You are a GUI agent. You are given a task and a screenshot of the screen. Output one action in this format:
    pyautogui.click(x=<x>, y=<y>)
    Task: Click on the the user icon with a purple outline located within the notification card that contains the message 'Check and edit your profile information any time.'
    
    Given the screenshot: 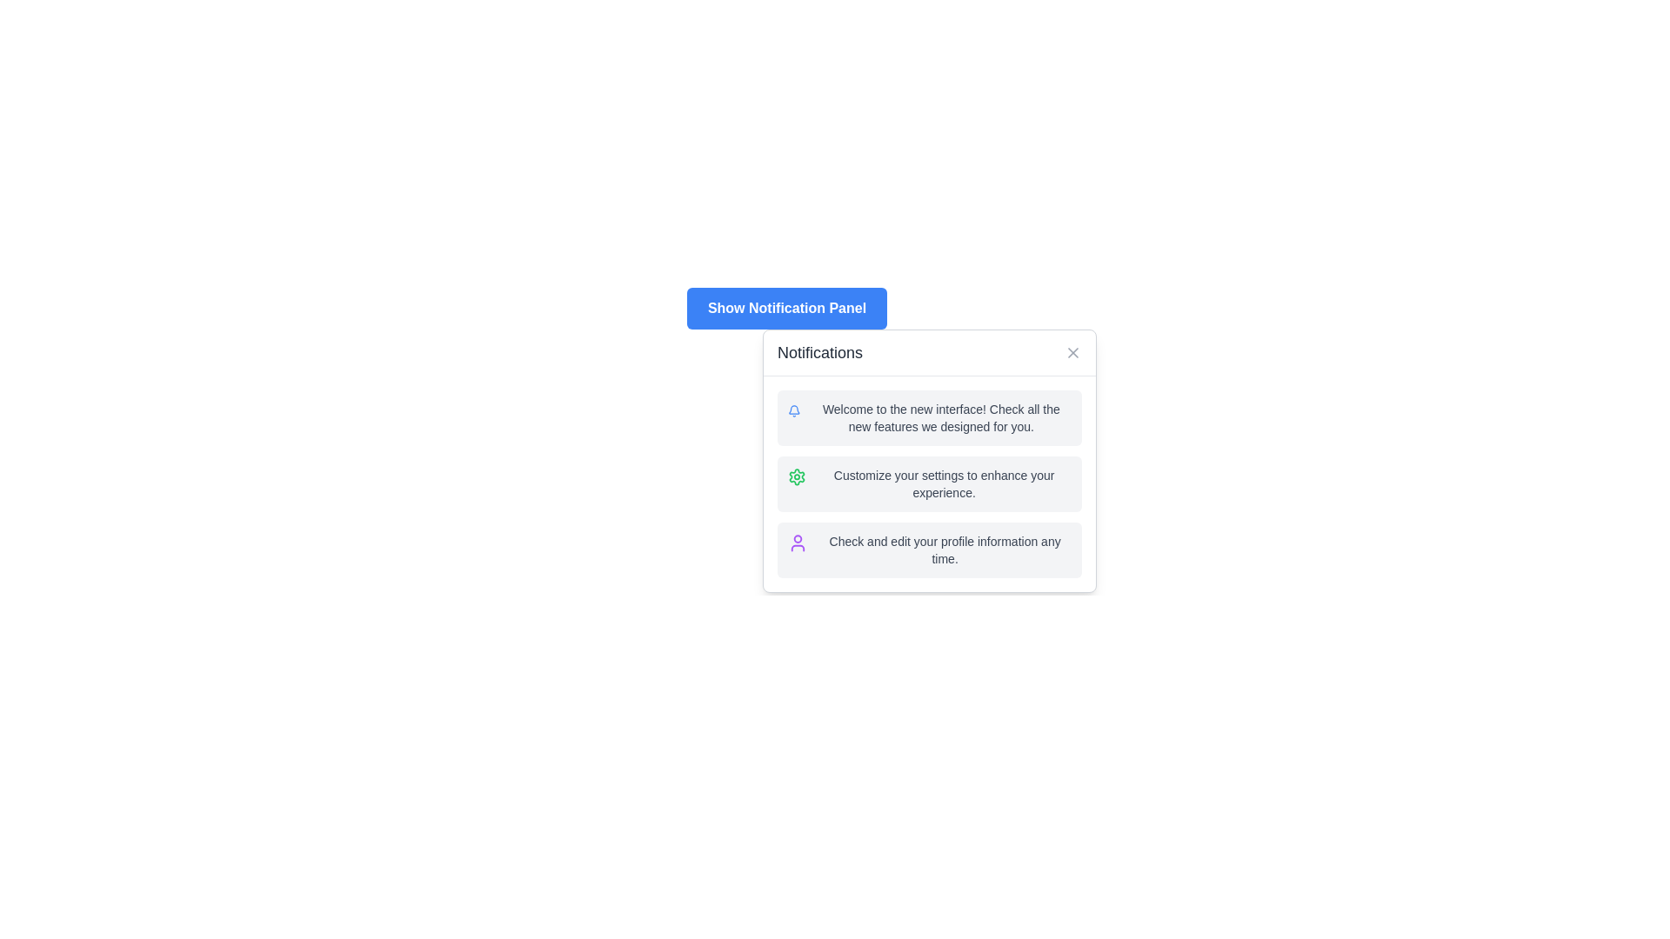 What is the action you would take?
    pyautogui.click(x=797, y=542)
    